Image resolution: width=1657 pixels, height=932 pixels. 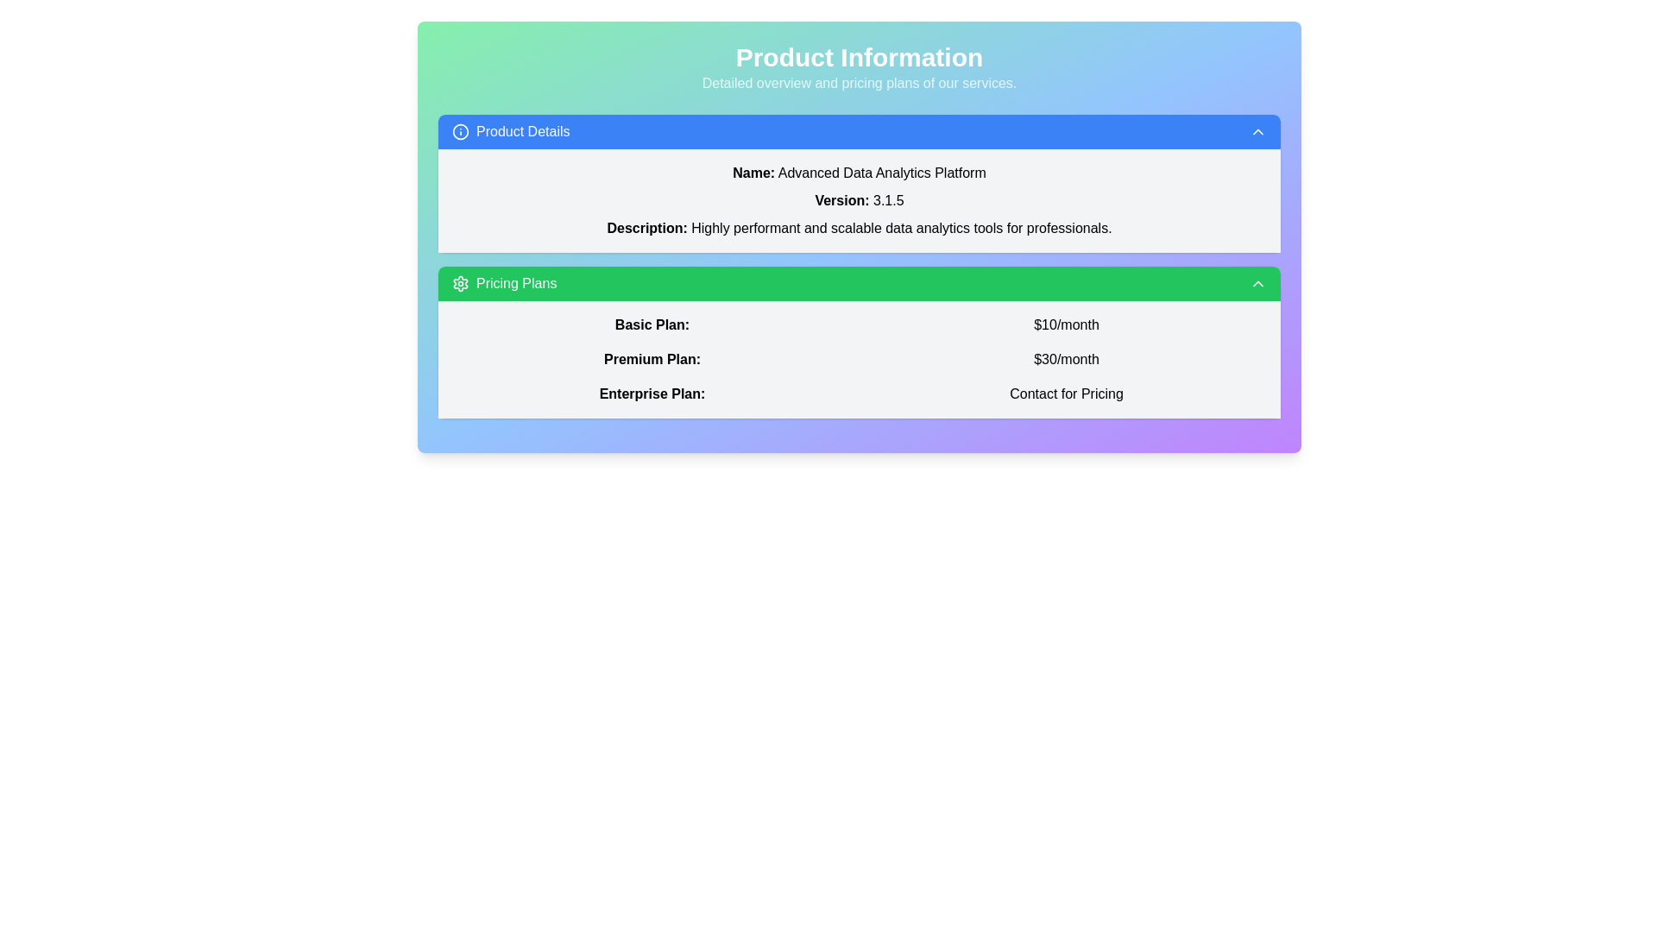 What do you see at coordinates (860, 199) in the screenshot?
I see `the Text label that displays the version information (3.1.5) located below the 'Name: Advanced Data Analytics Platform' and above the 'Description: Highly performant and scalable data analytics tools for professionals.'` at bounding box center [860, 199].